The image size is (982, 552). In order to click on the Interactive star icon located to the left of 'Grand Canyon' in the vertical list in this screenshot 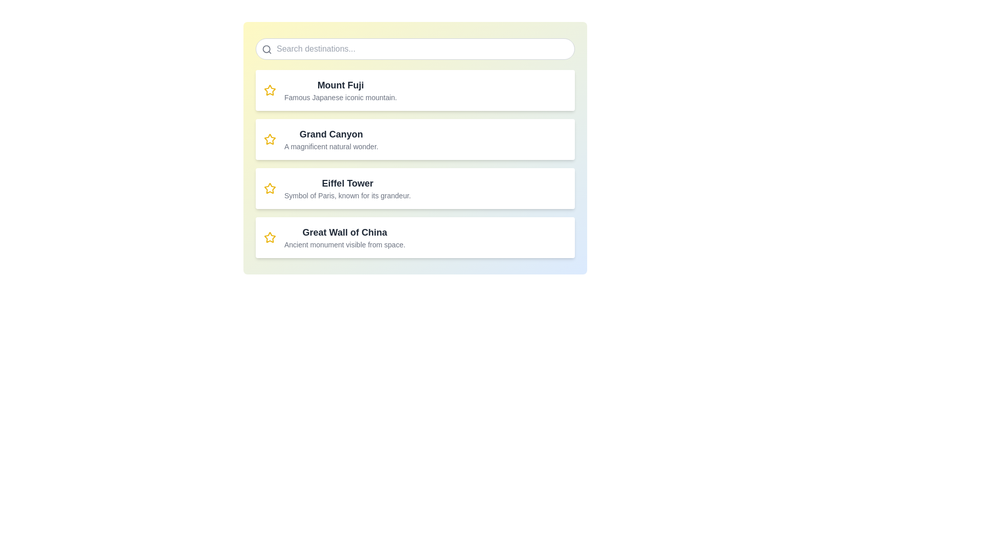, I will do `click(270, 237)`.